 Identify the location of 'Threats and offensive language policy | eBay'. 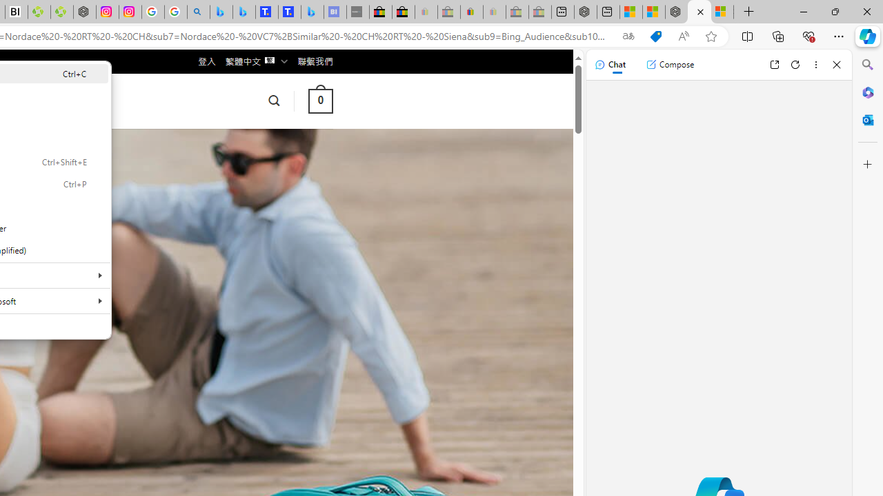
(472, 12).